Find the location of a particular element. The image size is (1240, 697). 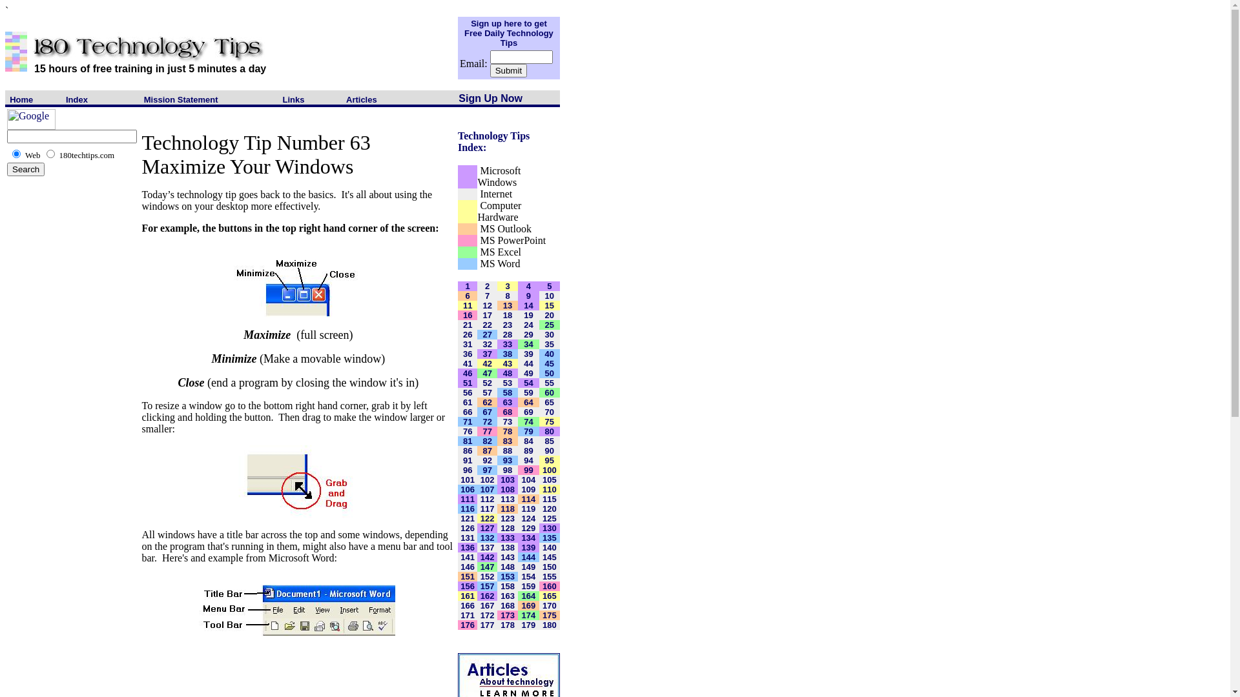

'42' is located at coordinates (486, 363).